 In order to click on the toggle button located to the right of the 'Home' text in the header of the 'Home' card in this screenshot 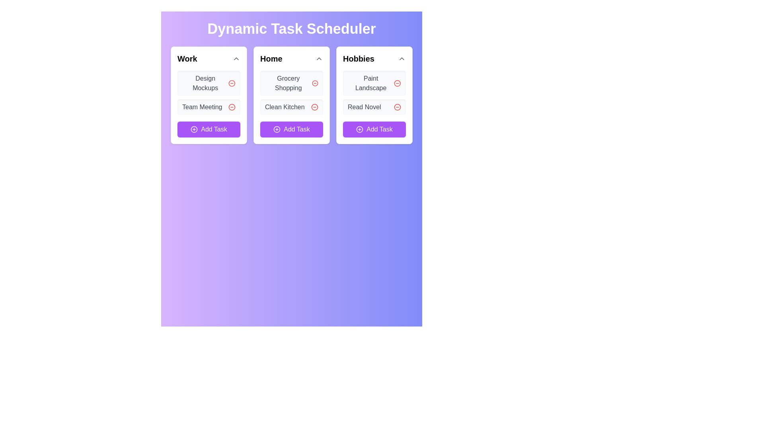, I will do `click(319, 58)`.